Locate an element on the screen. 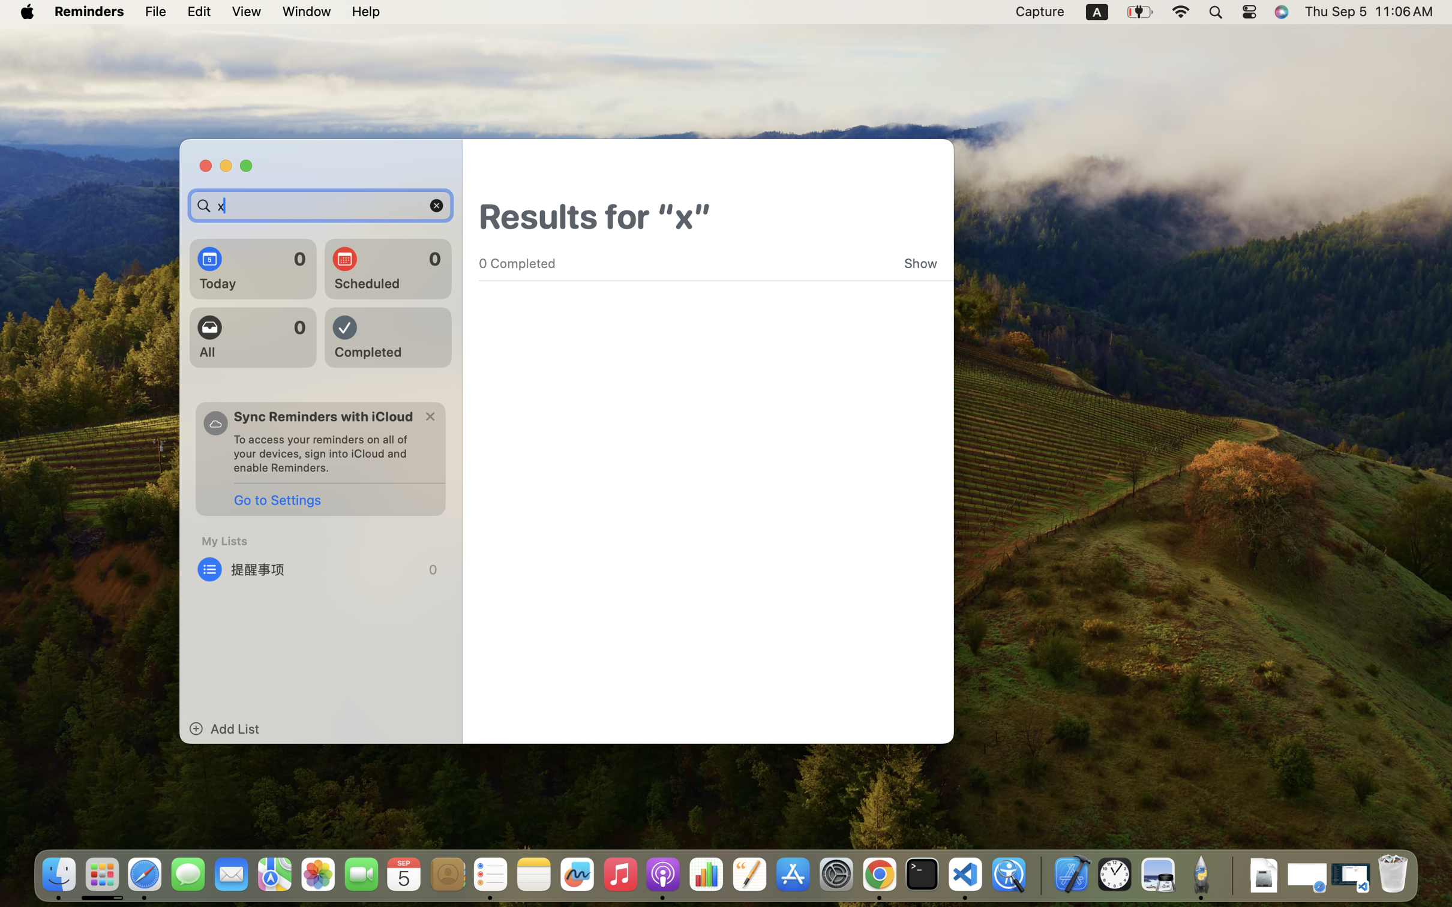 The image size is (1452, 907). 'Sync Reminders with iCloud' is located at coordinates (323, 416).